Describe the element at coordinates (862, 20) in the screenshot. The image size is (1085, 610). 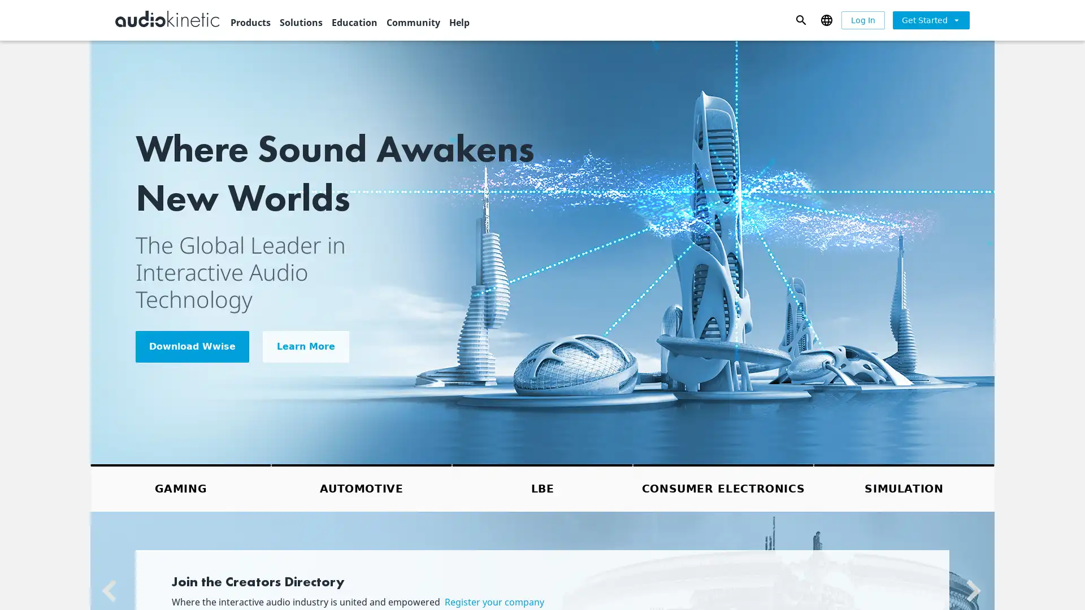
I see `Log In` at that location.